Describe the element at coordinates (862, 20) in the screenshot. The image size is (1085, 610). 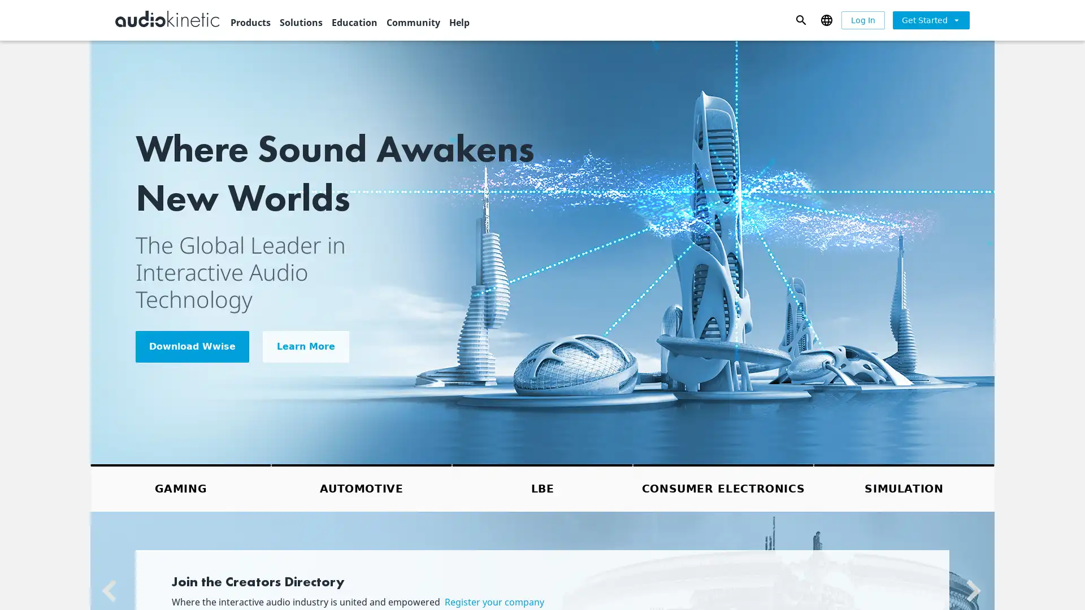
I see `Log In` at that location.